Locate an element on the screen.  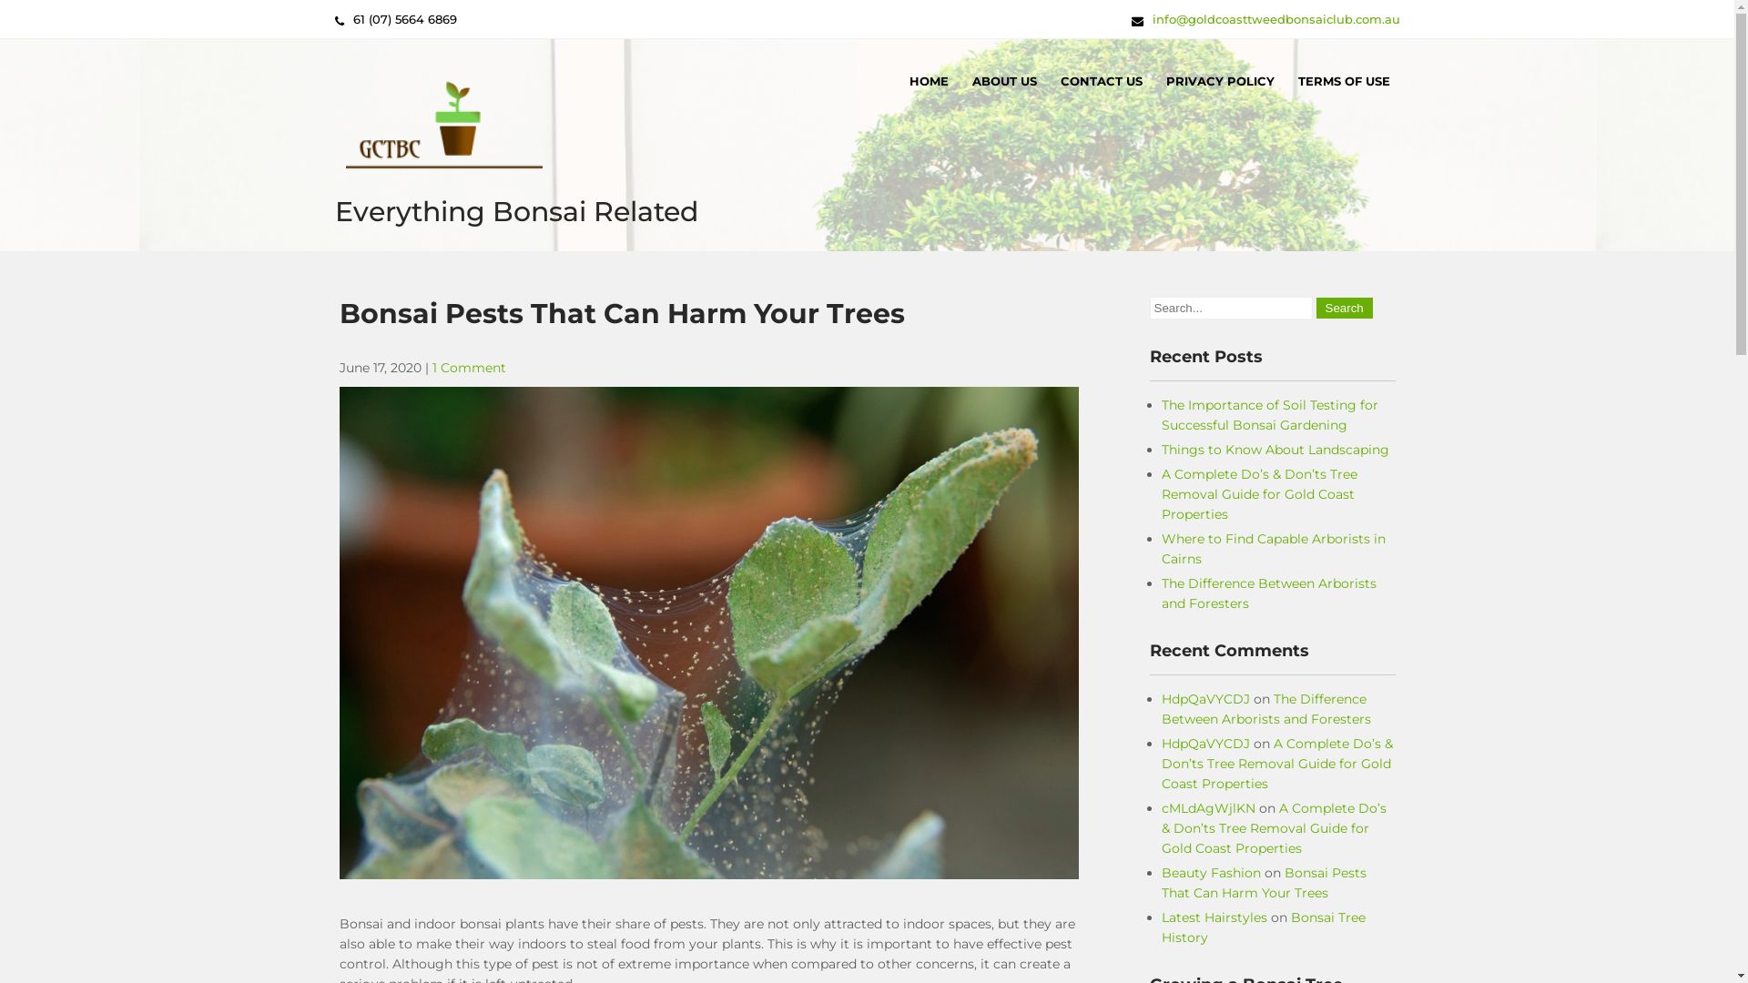
'Bonsai Pests That Can Harm Your Trees' is located at coordinates (1263, 881).